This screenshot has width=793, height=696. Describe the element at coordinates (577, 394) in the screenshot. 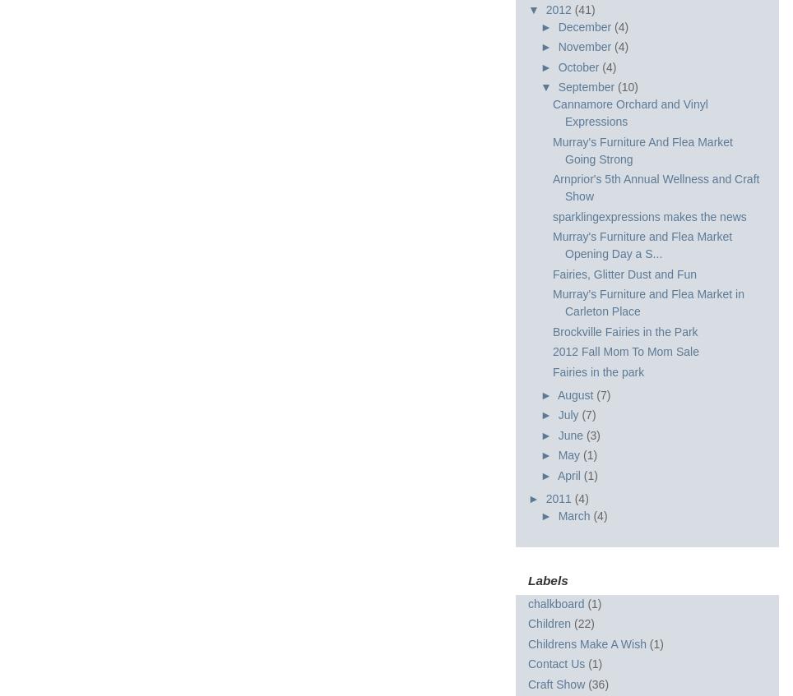

I see `'August'` at that location.